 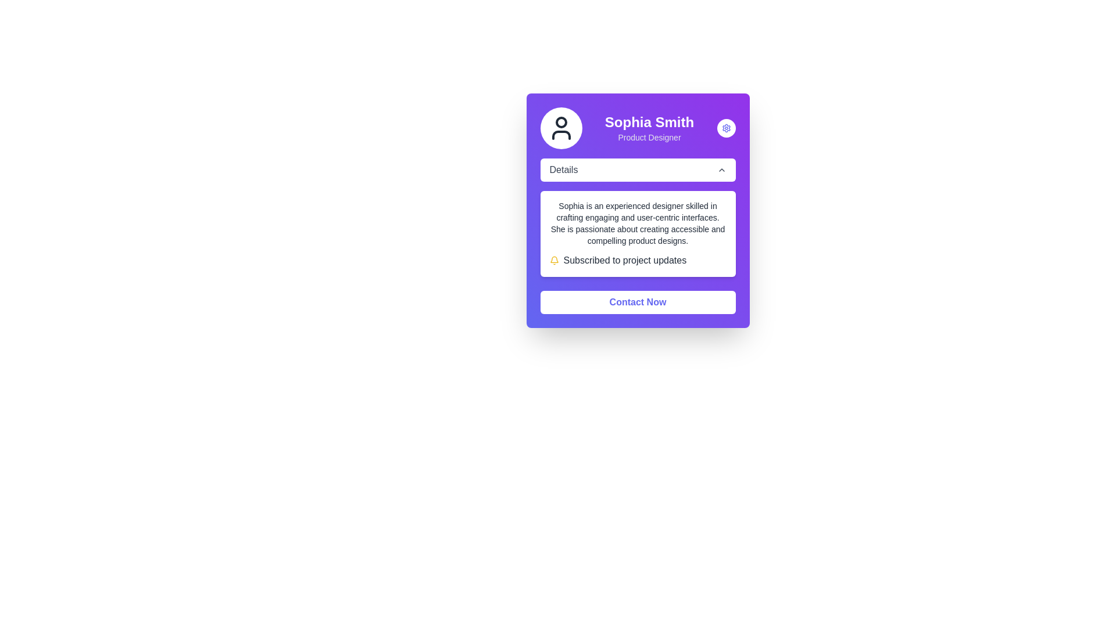 What do you see at coordinates (553, 260) in the screenshot?
I see `the small yellow bell icon that indicates notifications, located to the left of the text in the 'Subscribed to project updates' section of the user profile card` at bounding box center [553, 260].